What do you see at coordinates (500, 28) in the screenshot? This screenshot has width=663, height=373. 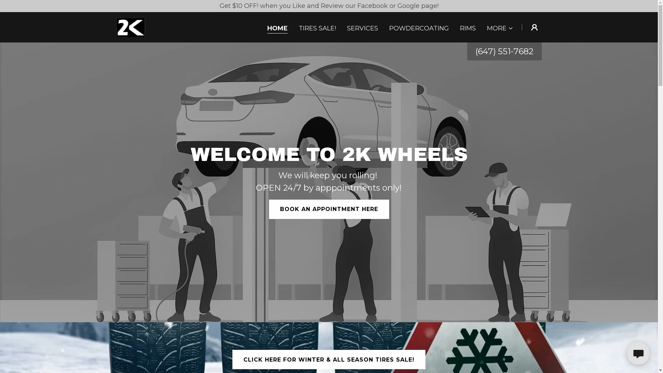 I see `'MORE'` at bounding box center [500, 28].